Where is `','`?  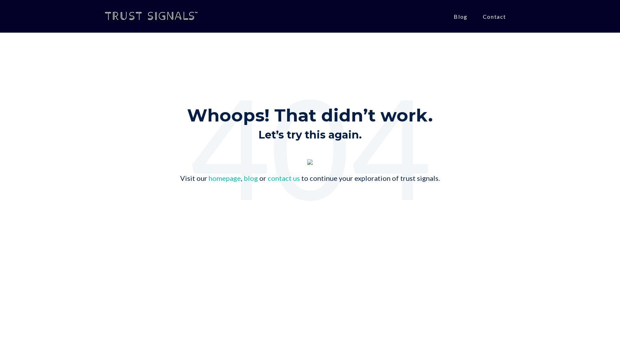 ',' is located at coordinates (241, 178).